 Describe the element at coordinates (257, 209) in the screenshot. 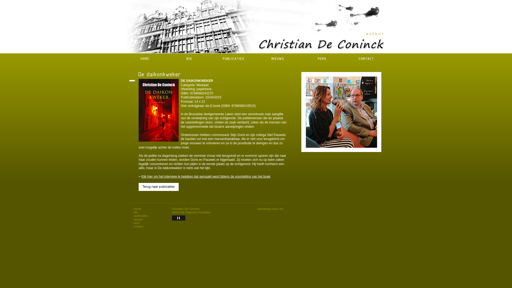

I see `'webdesign lason.be'` at that location.